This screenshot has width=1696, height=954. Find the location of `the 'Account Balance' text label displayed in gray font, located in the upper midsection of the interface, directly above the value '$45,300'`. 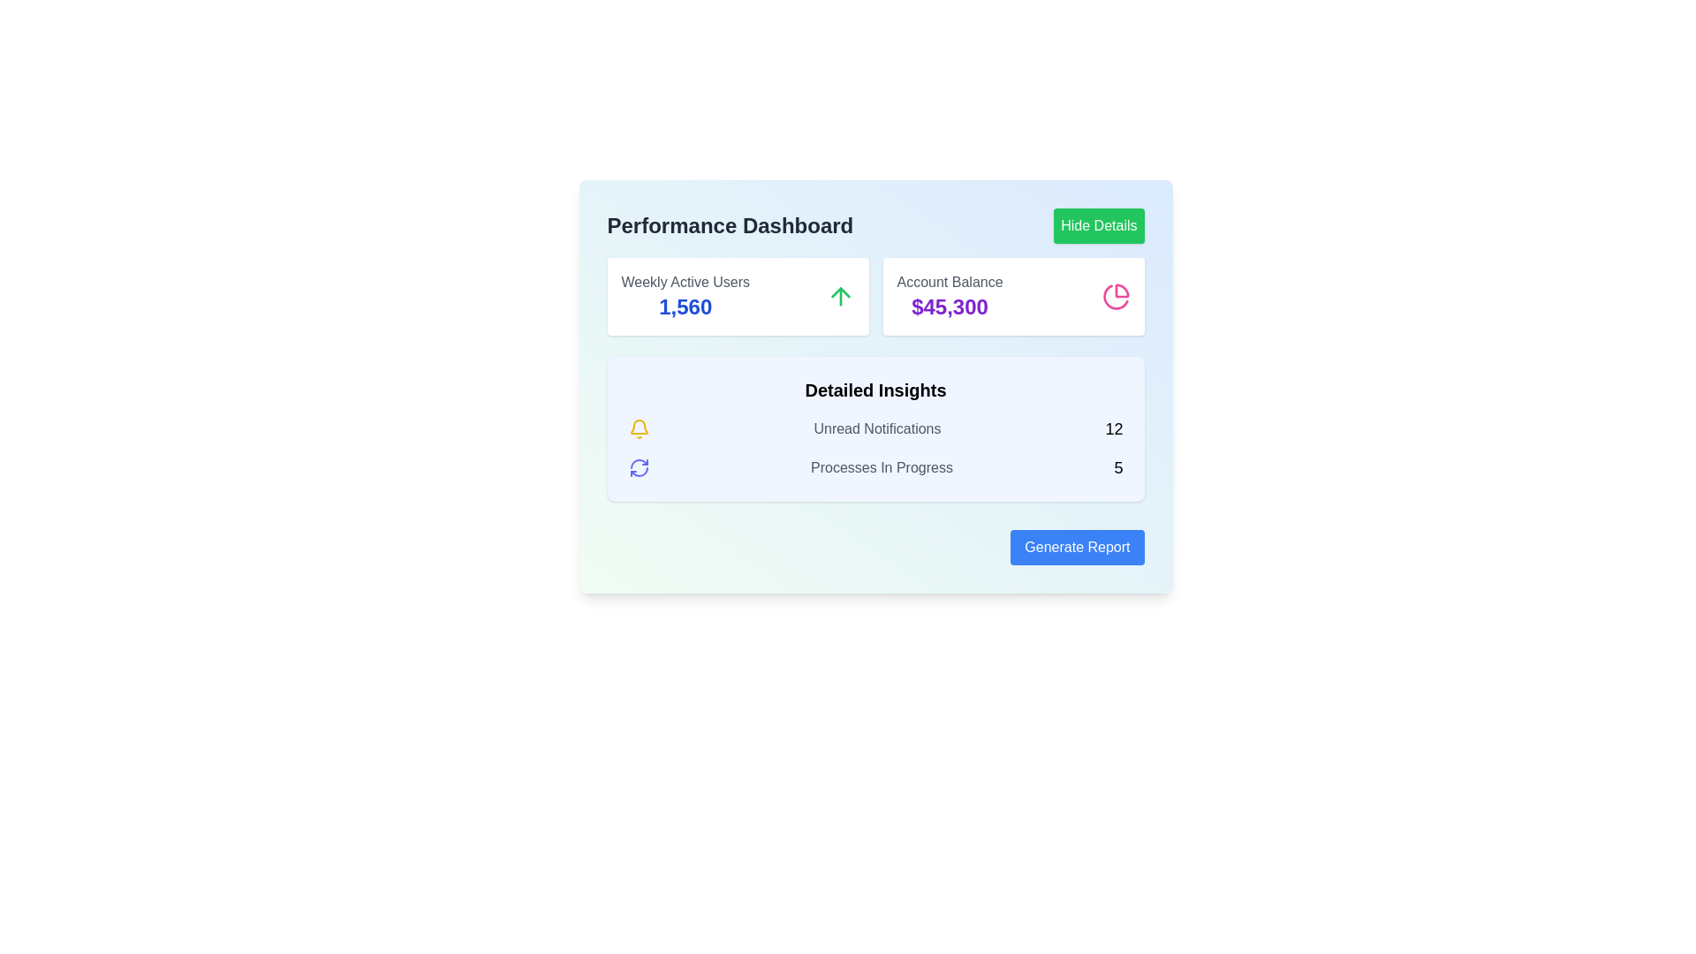

the 'Account Balance' text label displayed in gray font, located in the upper midsection of the interface, directly above the value '$45,300' is located at coordinates (949, 282).